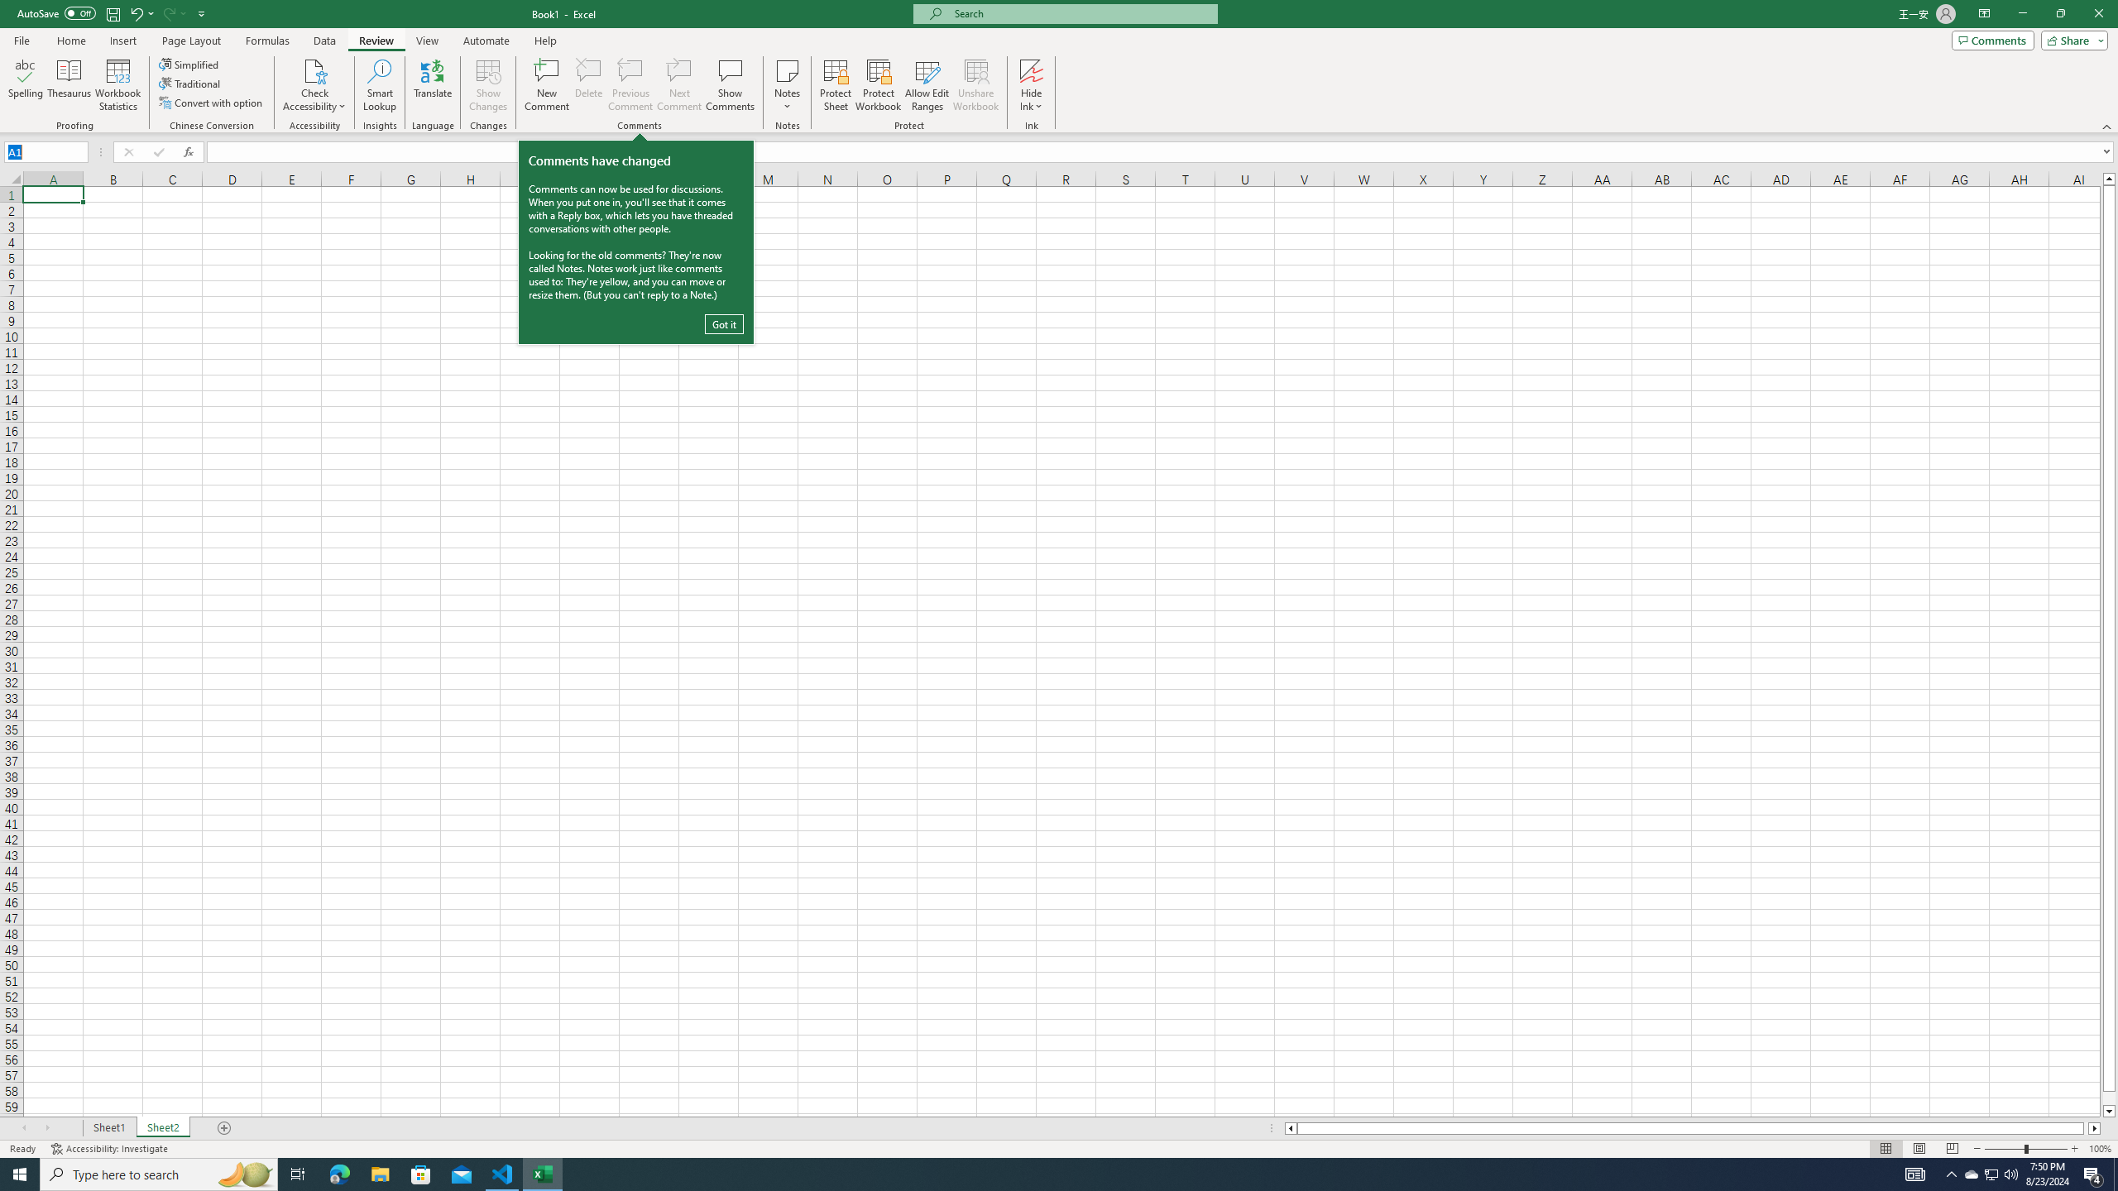  I want to click on 'Sheet2', so click(162, 1127).